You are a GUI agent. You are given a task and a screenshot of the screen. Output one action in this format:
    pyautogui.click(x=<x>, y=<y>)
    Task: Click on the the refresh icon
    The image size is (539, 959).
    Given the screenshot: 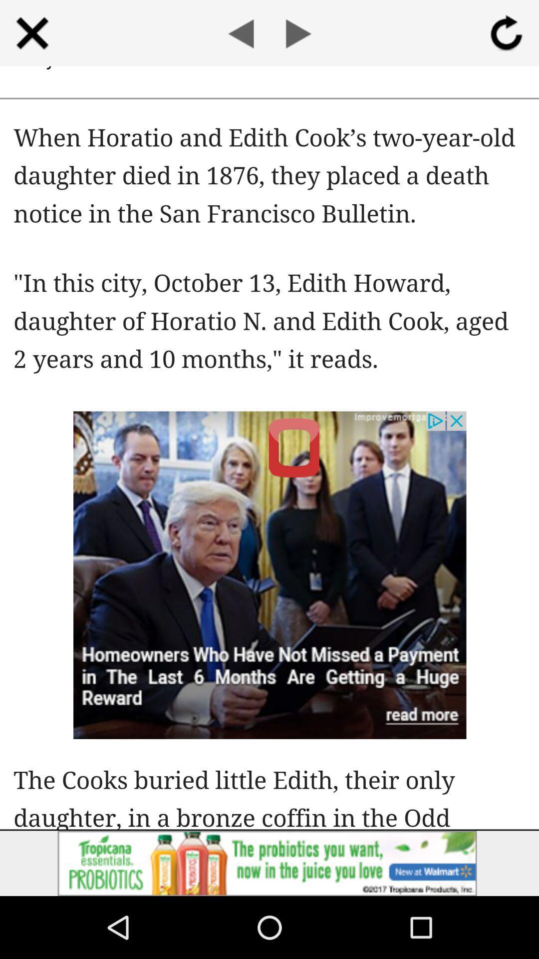 What is the action you would take?
    pyautogui.click(x=507, y=35)
    